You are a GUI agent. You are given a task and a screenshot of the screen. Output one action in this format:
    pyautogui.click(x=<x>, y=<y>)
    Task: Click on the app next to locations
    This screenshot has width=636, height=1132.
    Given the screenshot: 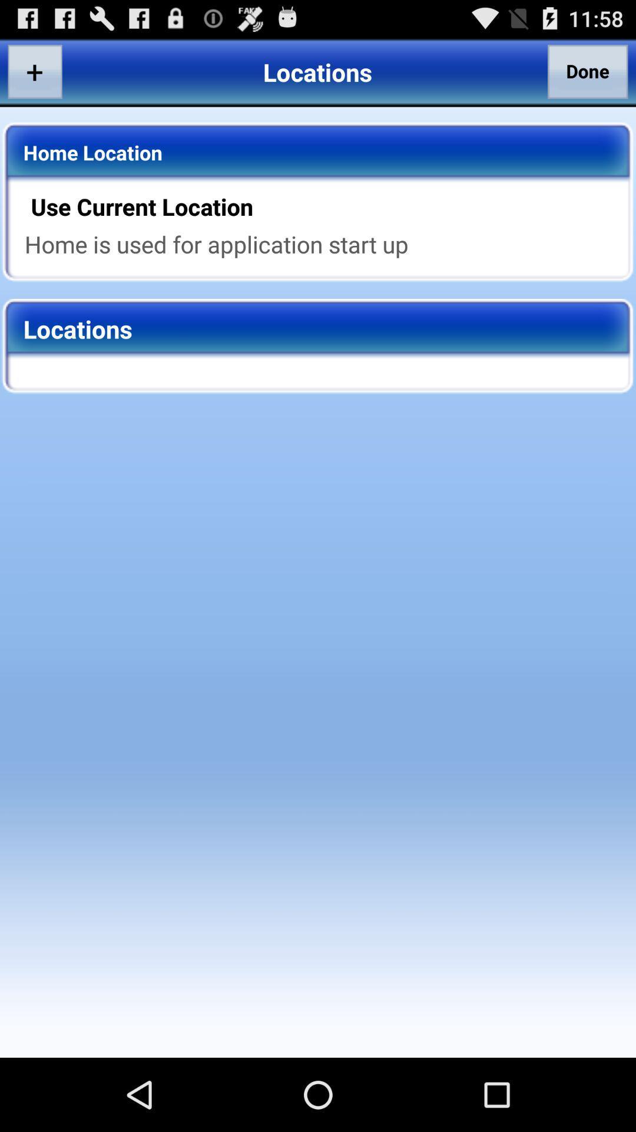 What is the action you would take?
    pyautogui.click(x=34, y=71)
    